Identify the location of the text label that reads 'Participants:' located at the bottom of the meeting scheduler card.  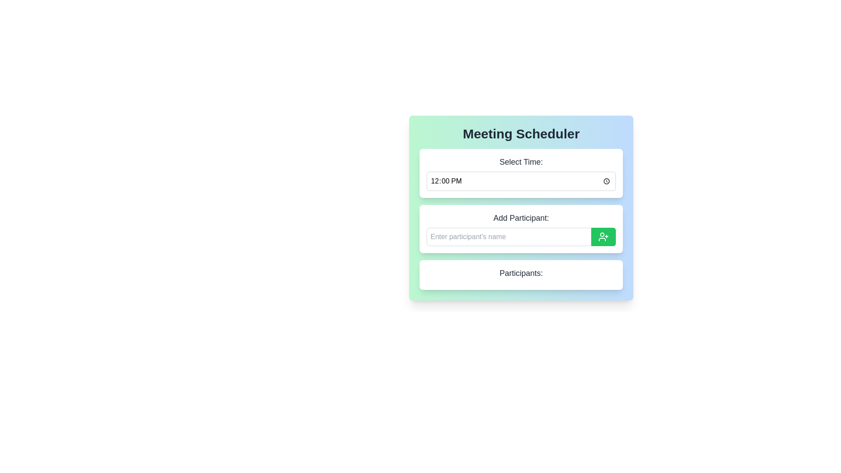
(521, 273).